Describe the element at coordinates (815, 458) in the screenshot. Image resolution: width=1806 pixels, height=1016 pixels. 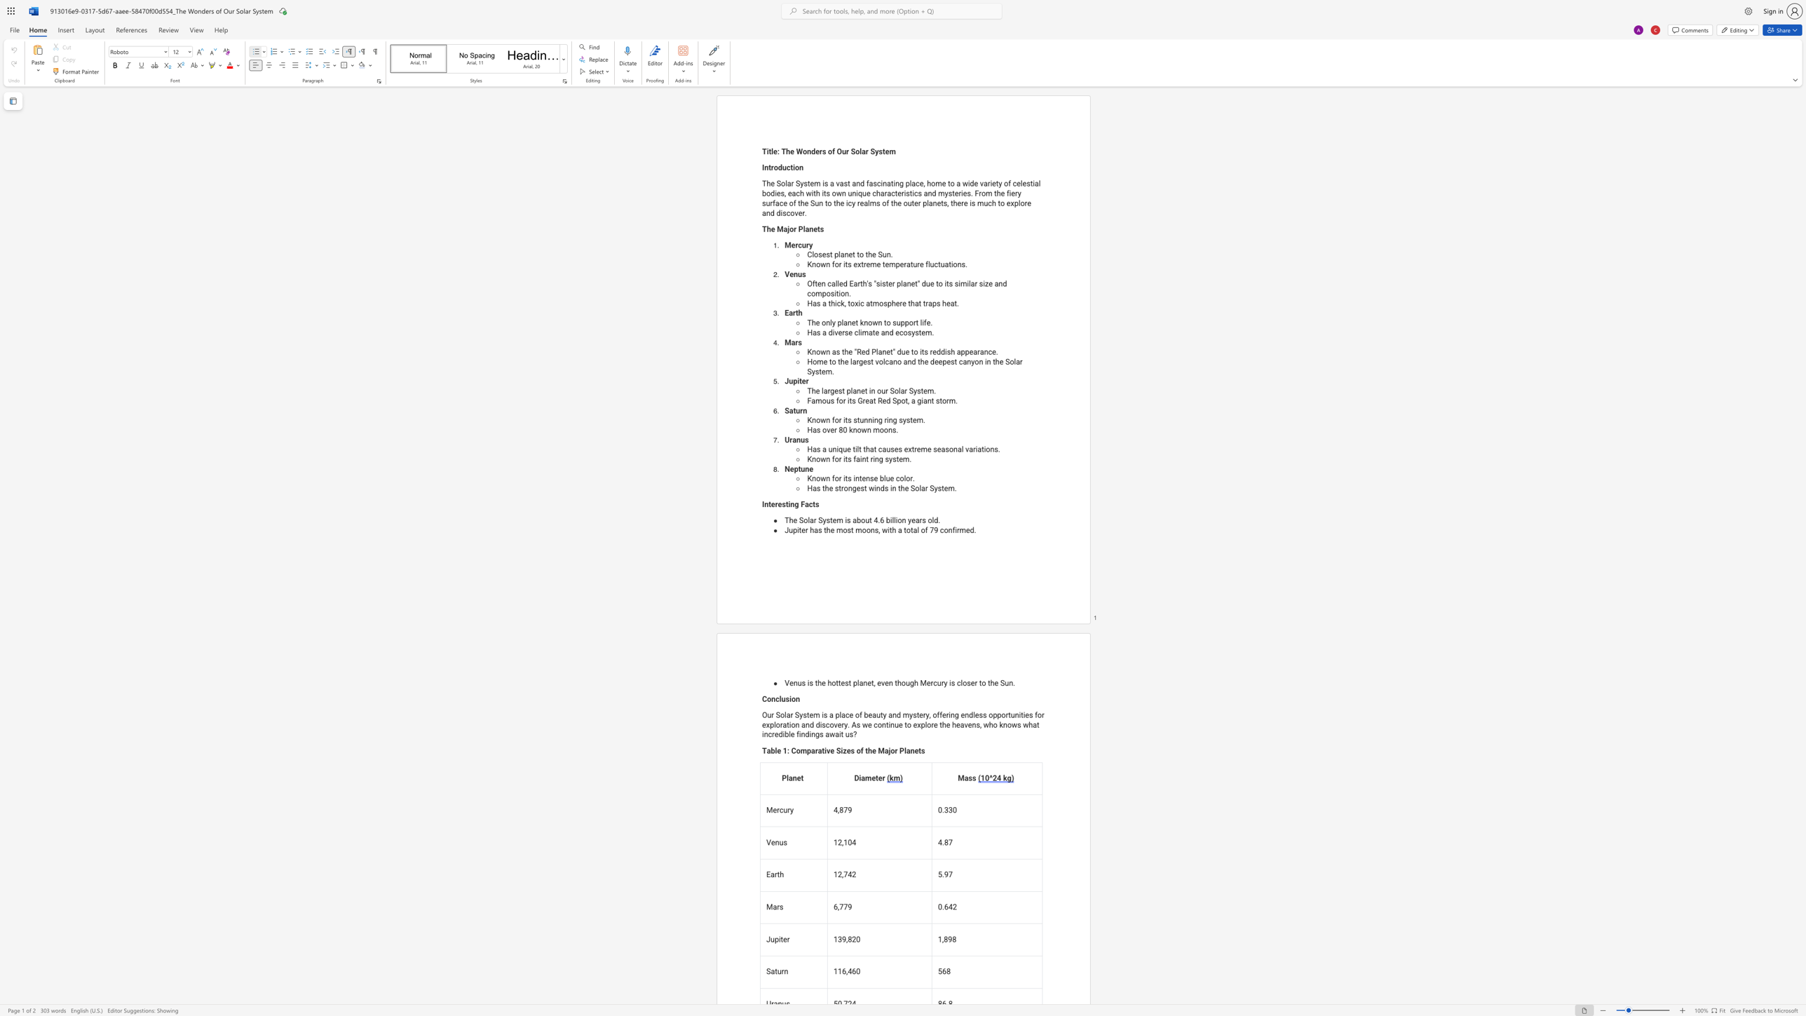
I see `the space between the continuous character "n" and "o" in the text` at that location.